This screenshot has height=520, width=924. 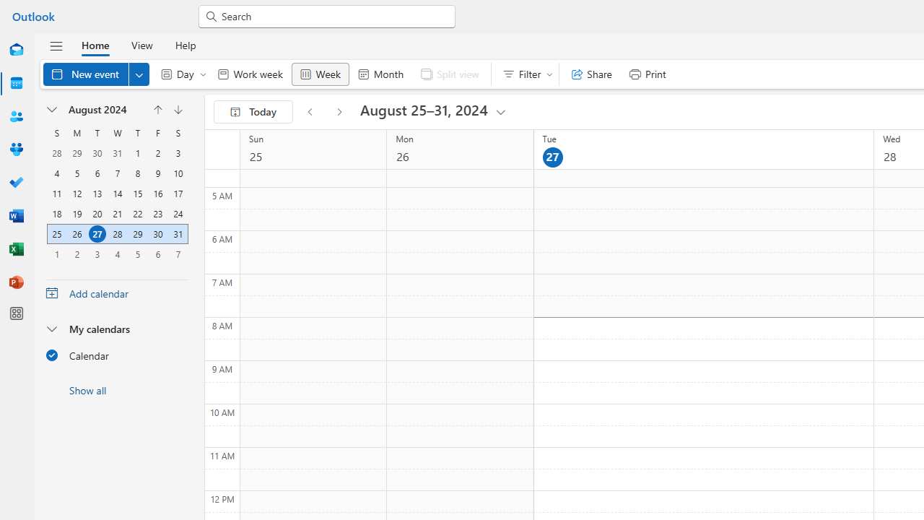 What do you see at coordinates (141, 44) in the screenshot?
I see `'View'` at bounding box center [141, 44].